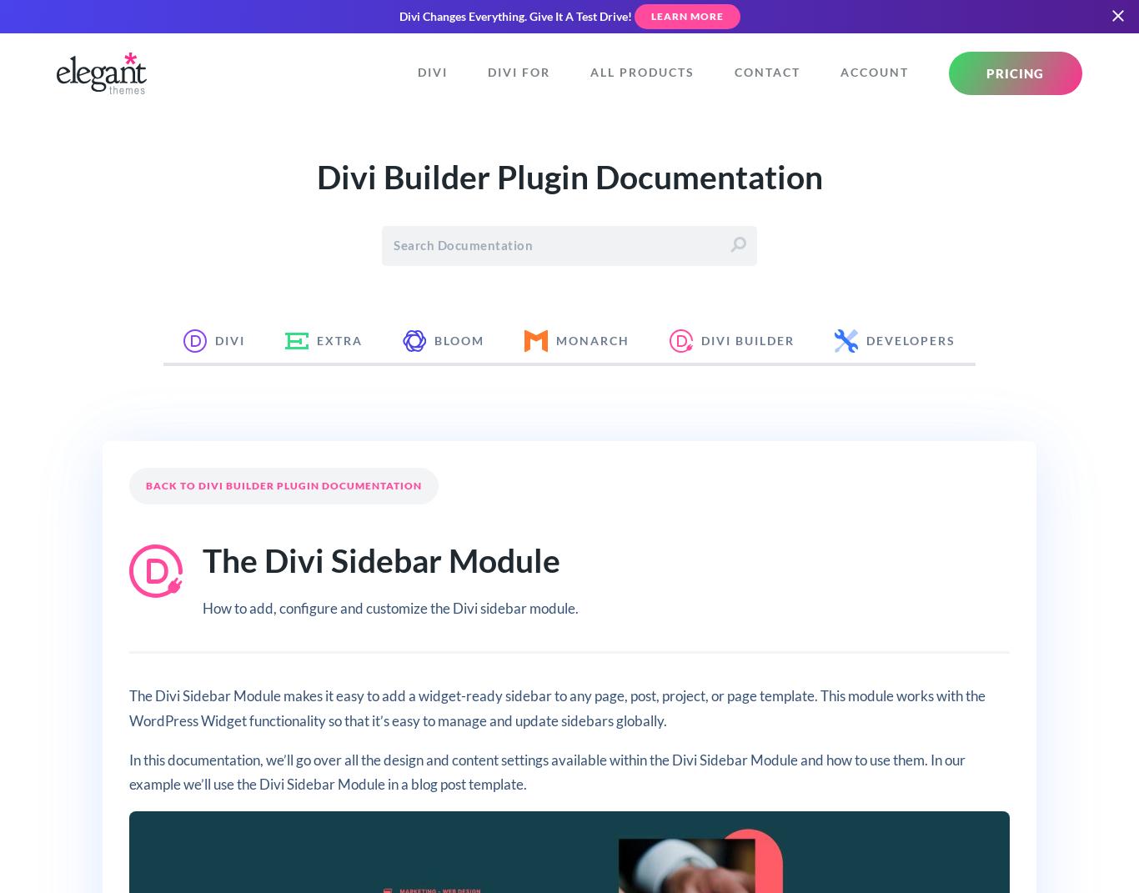 The image size is (1139, 893). Describe the element at coordinates (339, 340) in the screenshot. I see `'Extra'` at that location.